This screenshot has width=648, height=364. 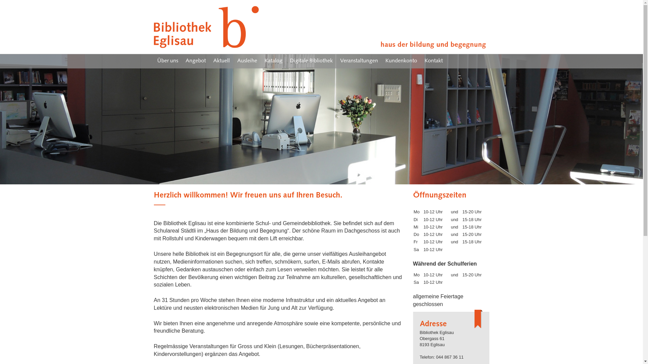 What do you see at coordinates (359, 61) in the screenshot?
I see `'Veranstaltungen'` at bounding box center [359, 61].